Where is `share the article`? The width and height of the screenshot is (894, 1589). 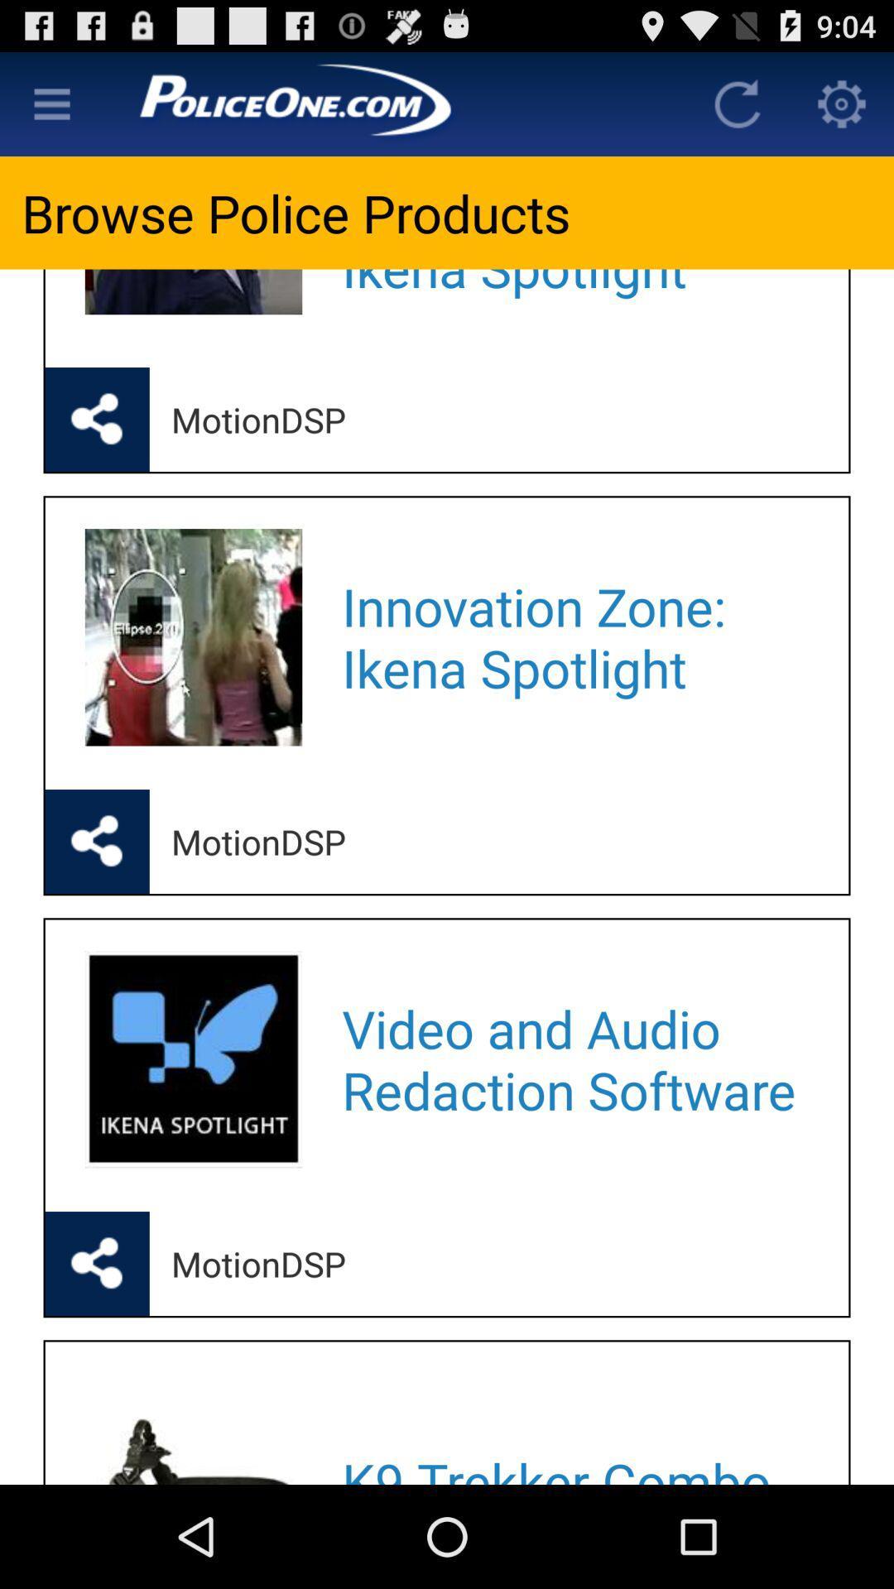 share the article is located at coordinates (97, 842).